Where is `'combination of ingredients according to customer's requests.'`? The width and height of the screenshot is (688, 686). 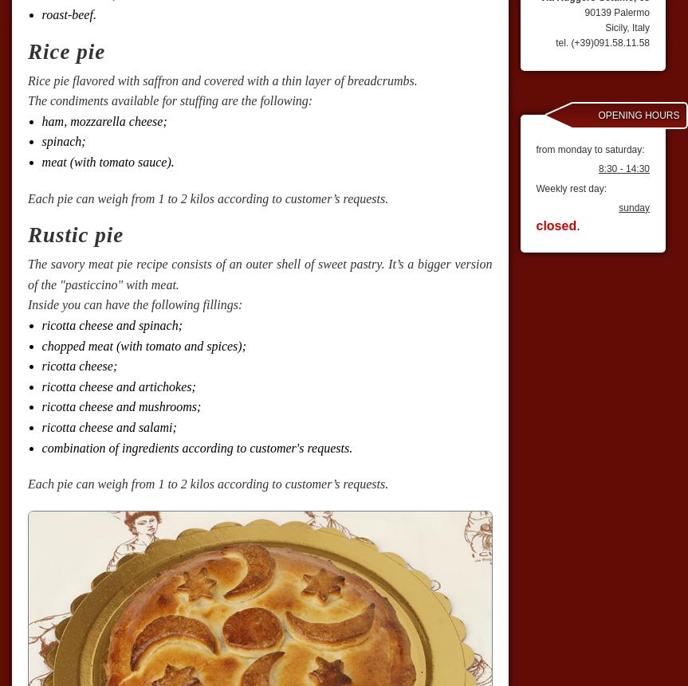 'combination of ingredients according to customer's requests.' is located at coordinates (196, 446).